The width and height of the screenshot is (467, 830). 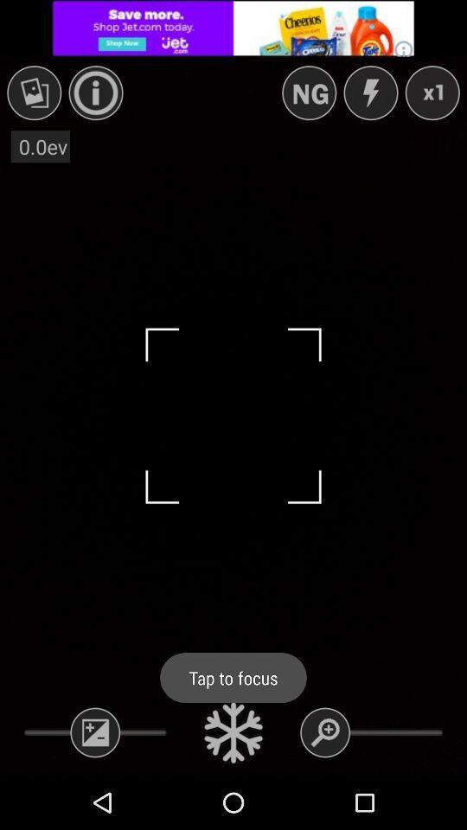 I want to click on take photo button, so click(x=233, y=731).